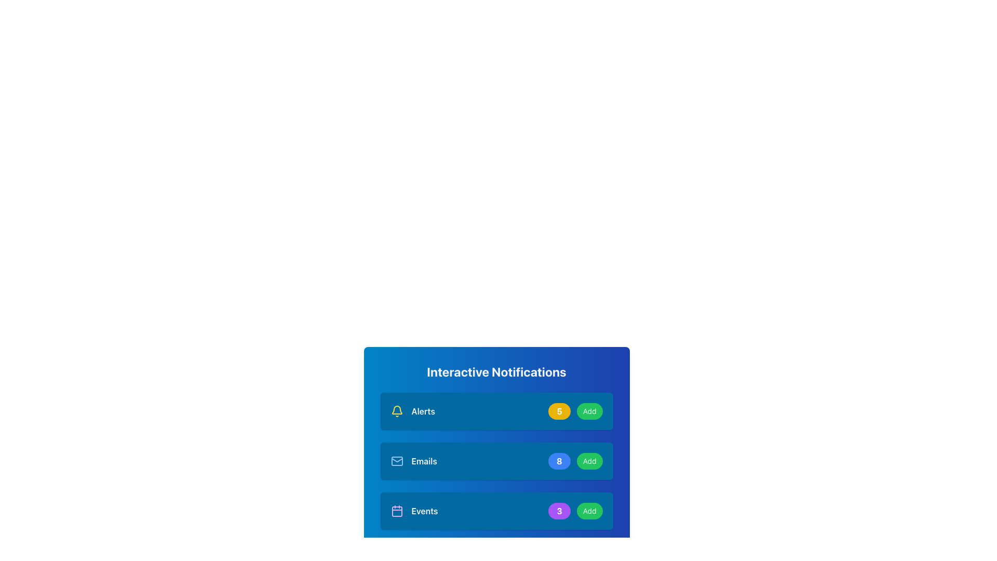 The width and height of the screenshot is (997, 561). I want to click on the green 'Add' button with rounded corners located in the last row of the list, so click(589, 510).